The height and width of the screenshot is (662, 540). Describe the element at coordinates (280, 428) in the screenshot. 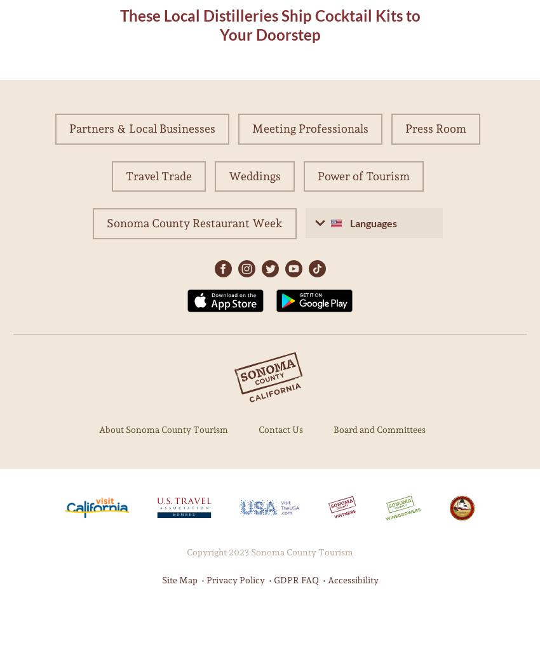

I see `'Contact Us'` at that location.